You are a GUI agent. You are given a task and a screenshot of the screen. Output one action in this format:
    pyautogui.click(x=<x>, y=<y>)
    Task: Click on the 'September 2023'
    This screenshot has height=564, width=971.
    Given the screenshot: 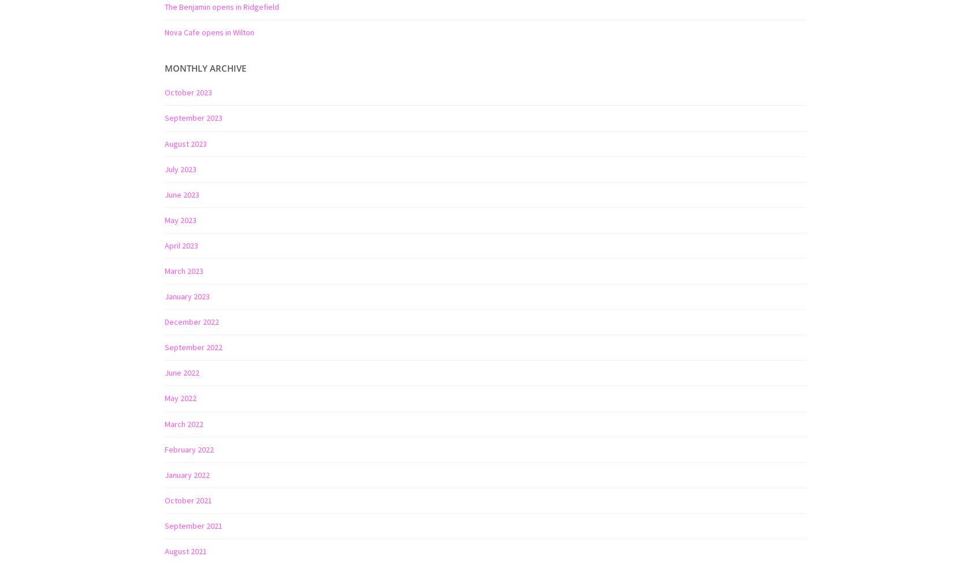 What is the action you would take?
    pyautogui.click(x=193, y=117)
    